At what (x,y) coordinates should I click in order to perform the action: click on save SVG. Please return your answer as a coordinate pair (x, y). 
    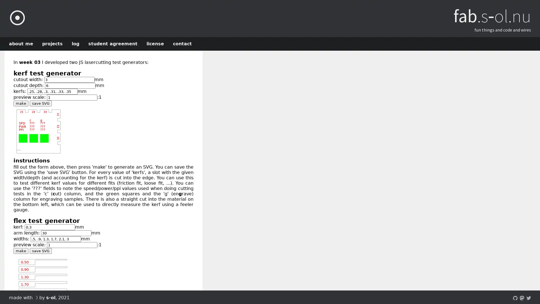
    Looking at the image, I should click on (40, 250).